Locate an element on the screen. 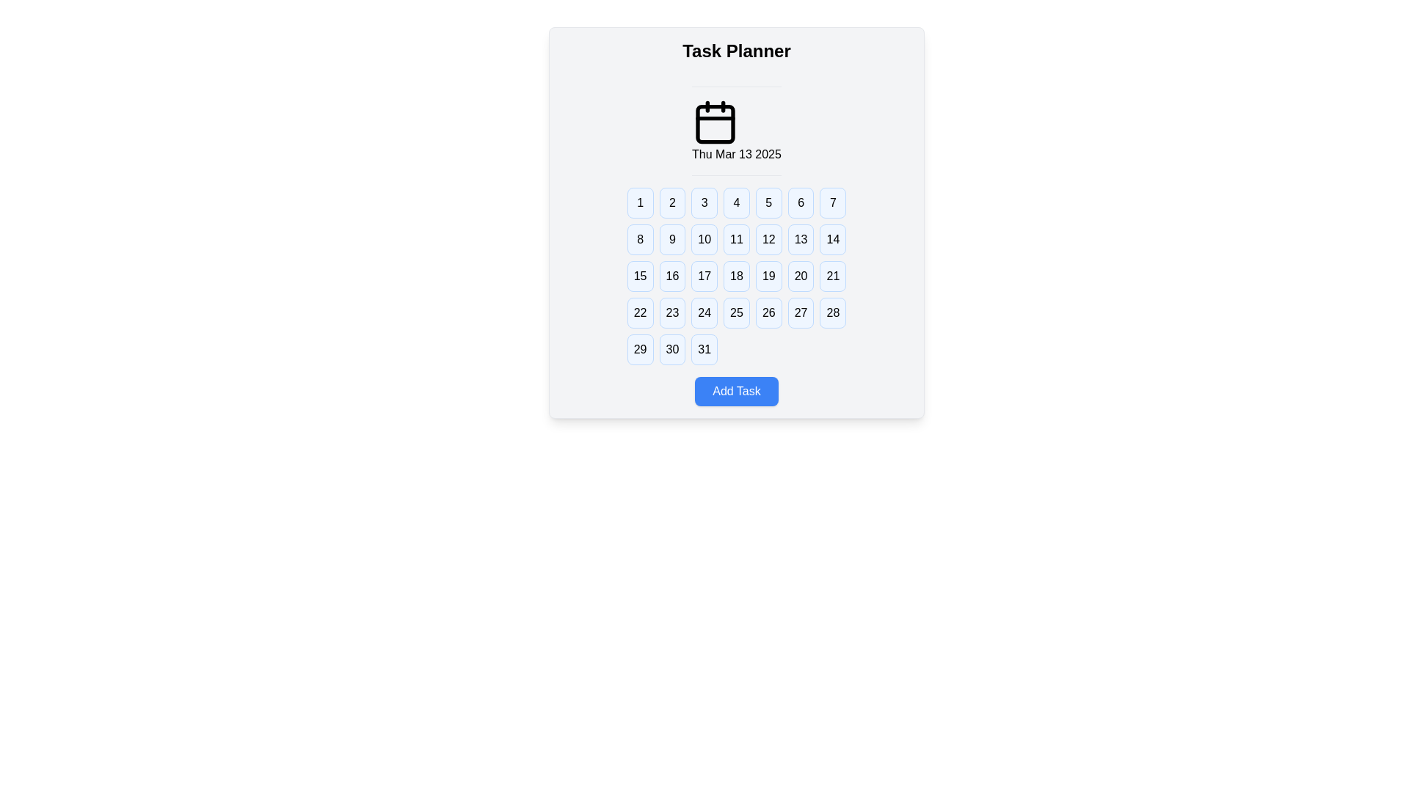 This screenshot has height=792, width=1409. the button representing the 24th day in the calendar interface is located at coordinates (704, 312).